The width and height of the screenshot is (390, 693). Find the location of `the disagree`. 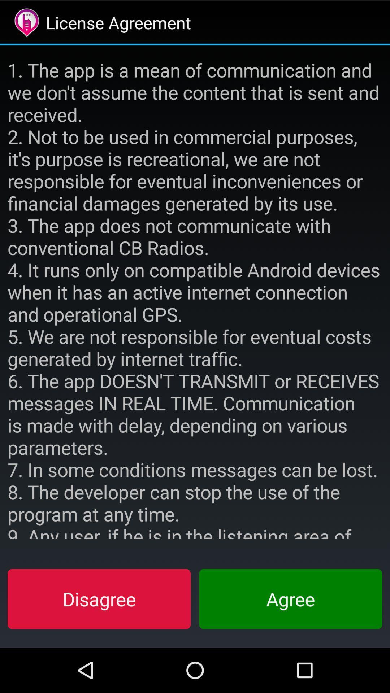

the disagree is located at coordinates (99, 599).